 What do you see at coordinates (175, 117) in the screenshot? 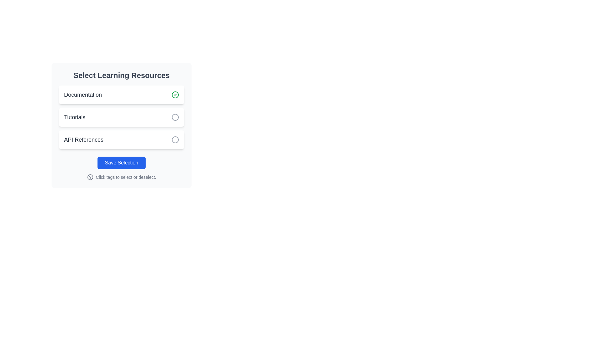
I see `the radio button for 'Tutorials'` at bounding box center [175, 117].